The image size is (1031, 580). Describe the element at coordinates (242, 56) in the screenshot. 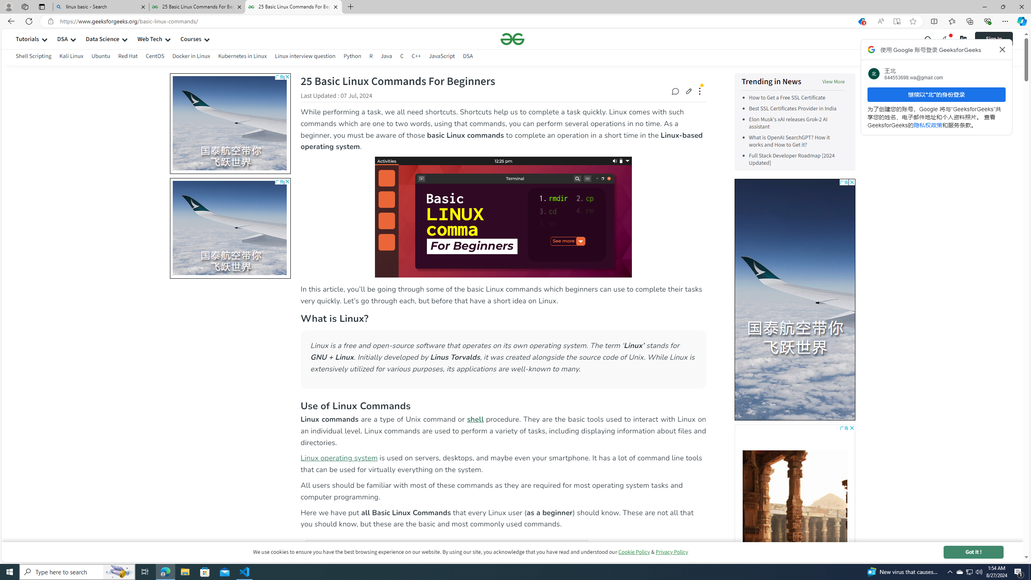

I see `'Kubernetes in Linux'` at that location.